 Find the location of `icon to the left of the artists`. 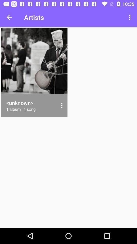

icon to the left of the artists is located at coordinates (9, 17).